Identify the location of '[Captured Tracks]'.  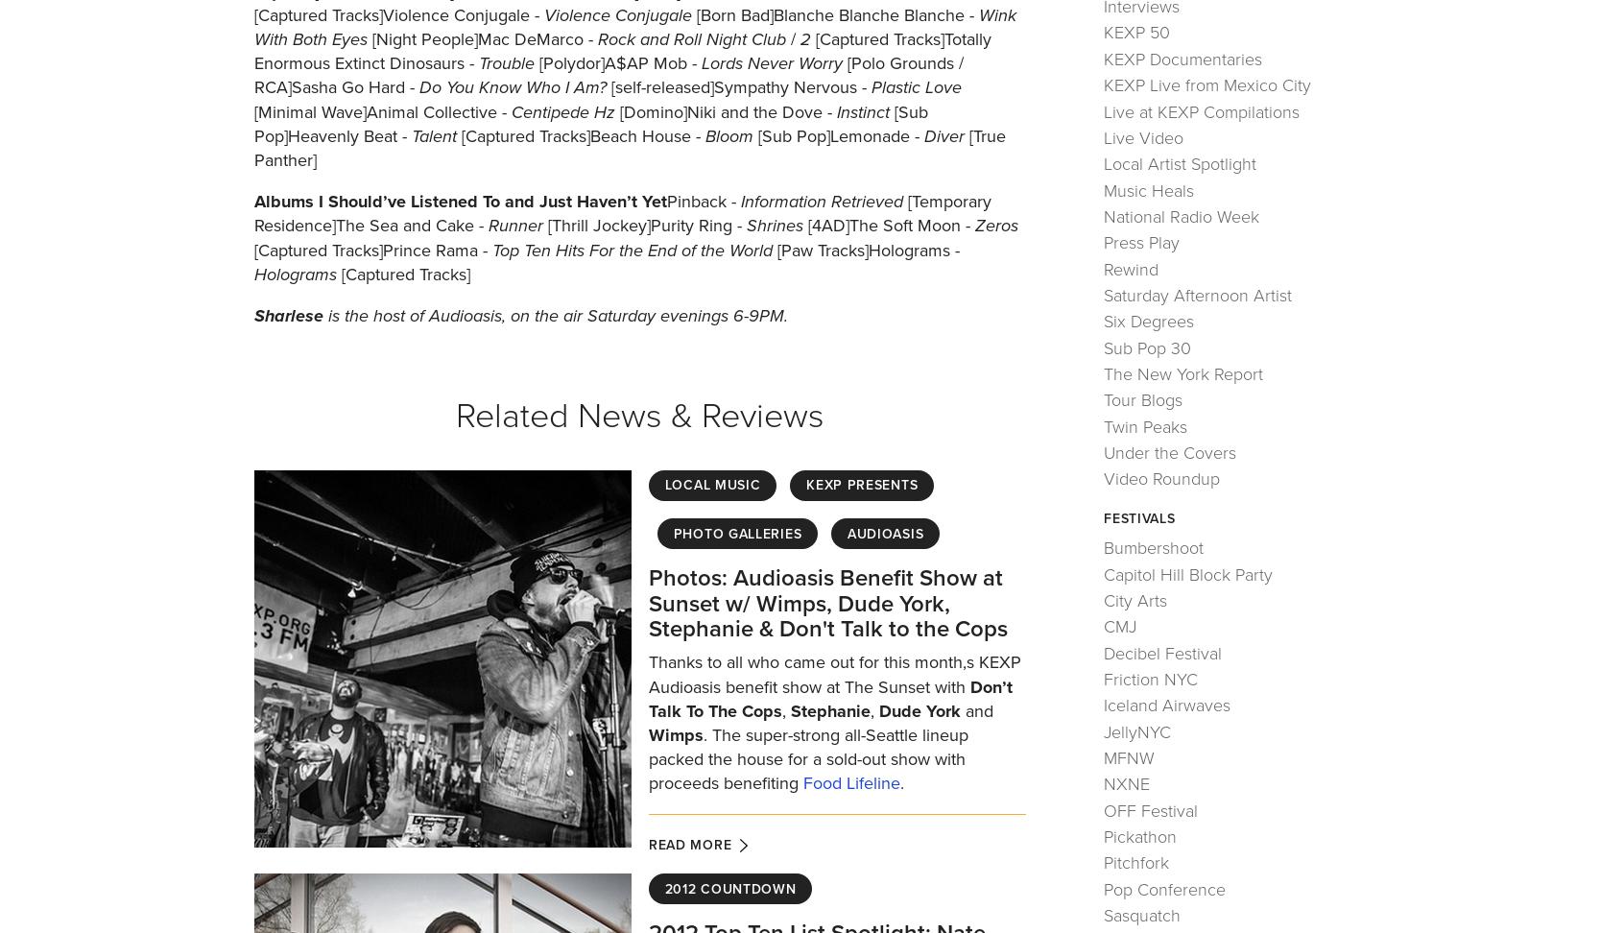
(402, 273).